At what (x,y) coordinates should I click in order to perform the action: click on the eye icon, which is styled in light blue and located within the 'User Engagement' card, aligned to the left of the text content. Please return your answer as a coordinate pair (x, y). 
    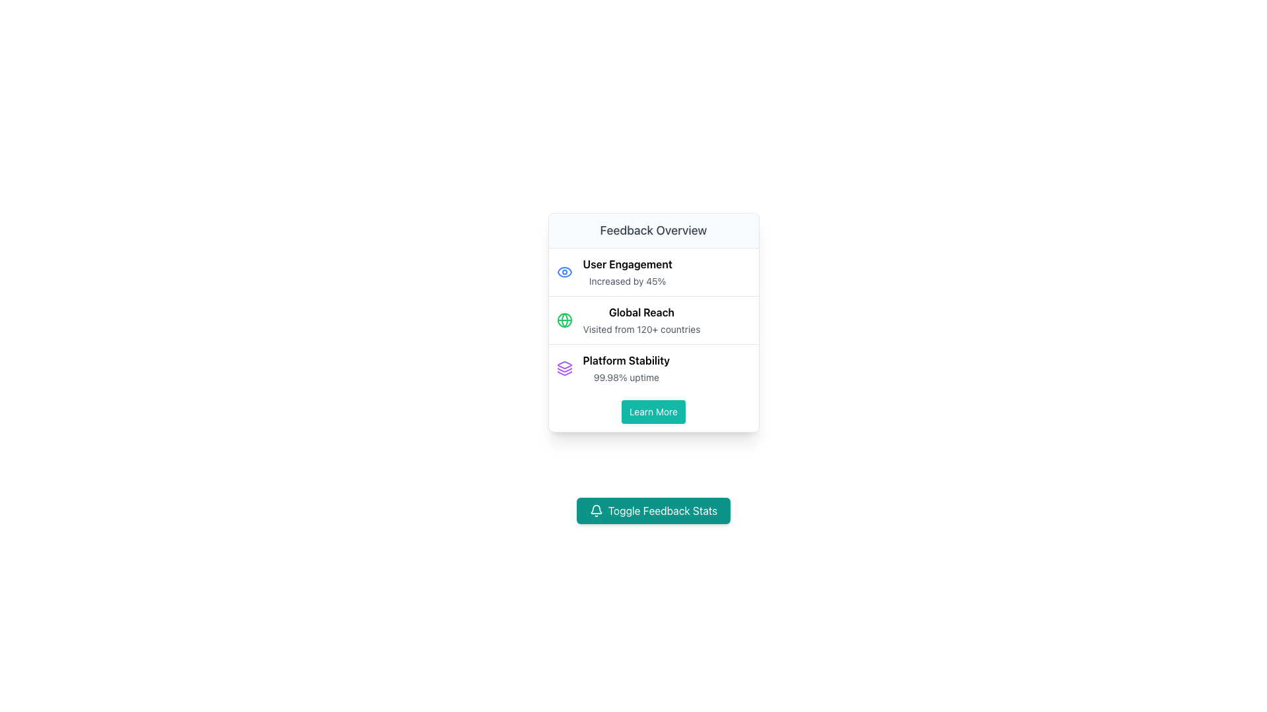
    Looking at the image, I should click on (564, 271).